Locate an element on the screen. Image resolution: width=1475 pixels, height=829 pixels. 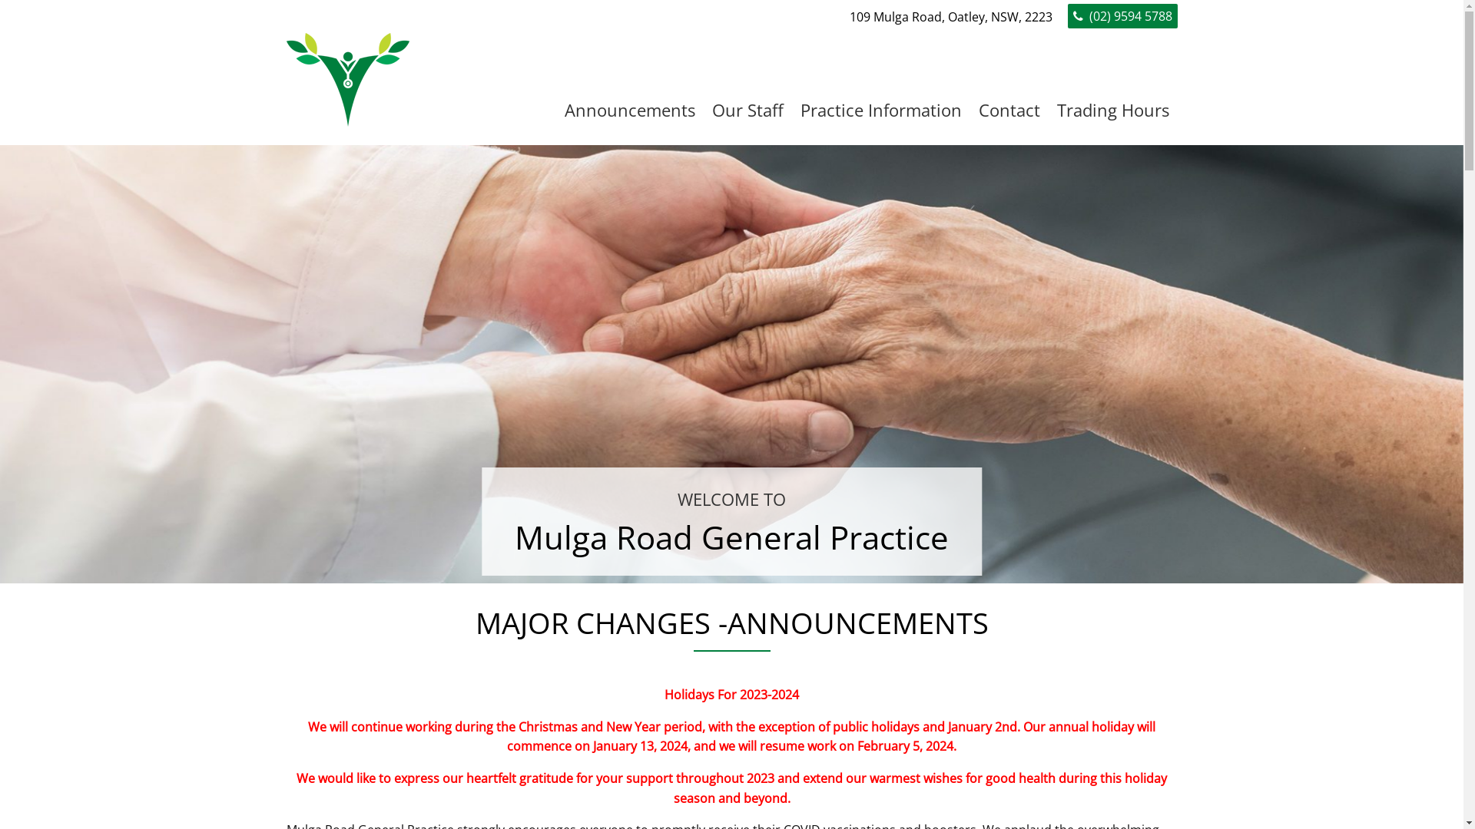
'(02) 9594 5788' is located at coordinates (1122, 15).